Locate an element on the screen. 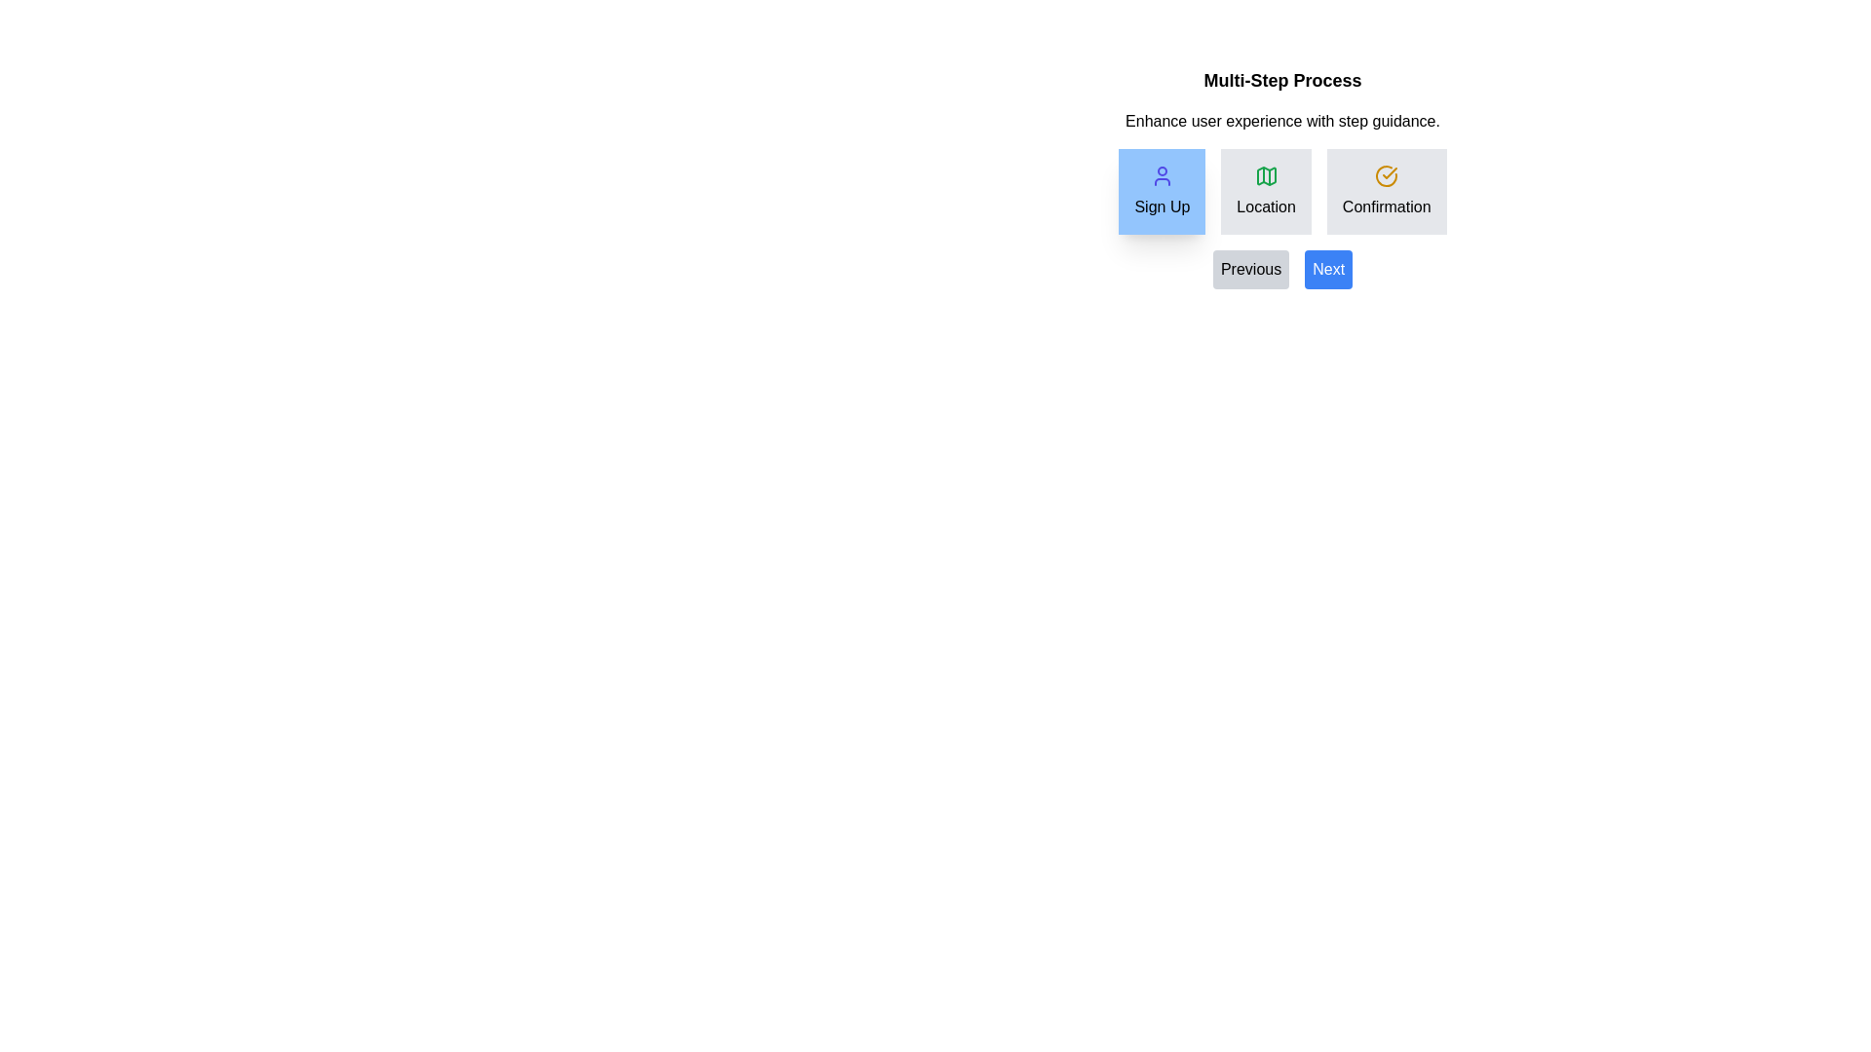 Image resolution: width=1871 pixels, height=1052 pixels. the leftmost button labeled 'Sign Up' with a blue background and a human silhouette icon is located at coordinates (1162, 191).